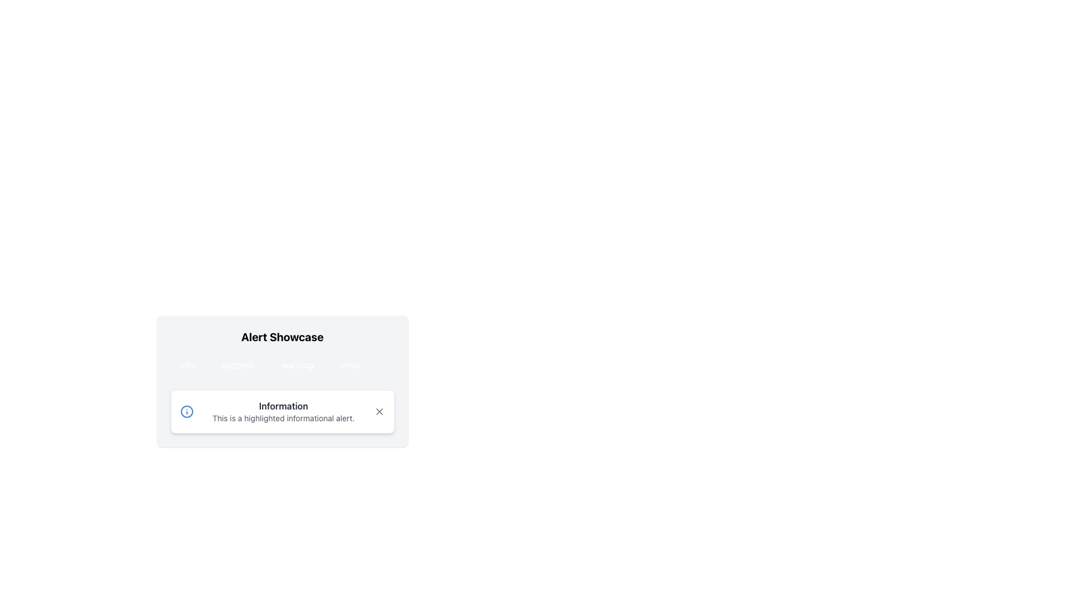 The image size is (1075, 605). What do you see at coordinates (297, 365) in the screenshot?
I see `the warning button located between the 'success' and 'error' buttons in the Alert Showcase section` at bounding box center [297, 365].